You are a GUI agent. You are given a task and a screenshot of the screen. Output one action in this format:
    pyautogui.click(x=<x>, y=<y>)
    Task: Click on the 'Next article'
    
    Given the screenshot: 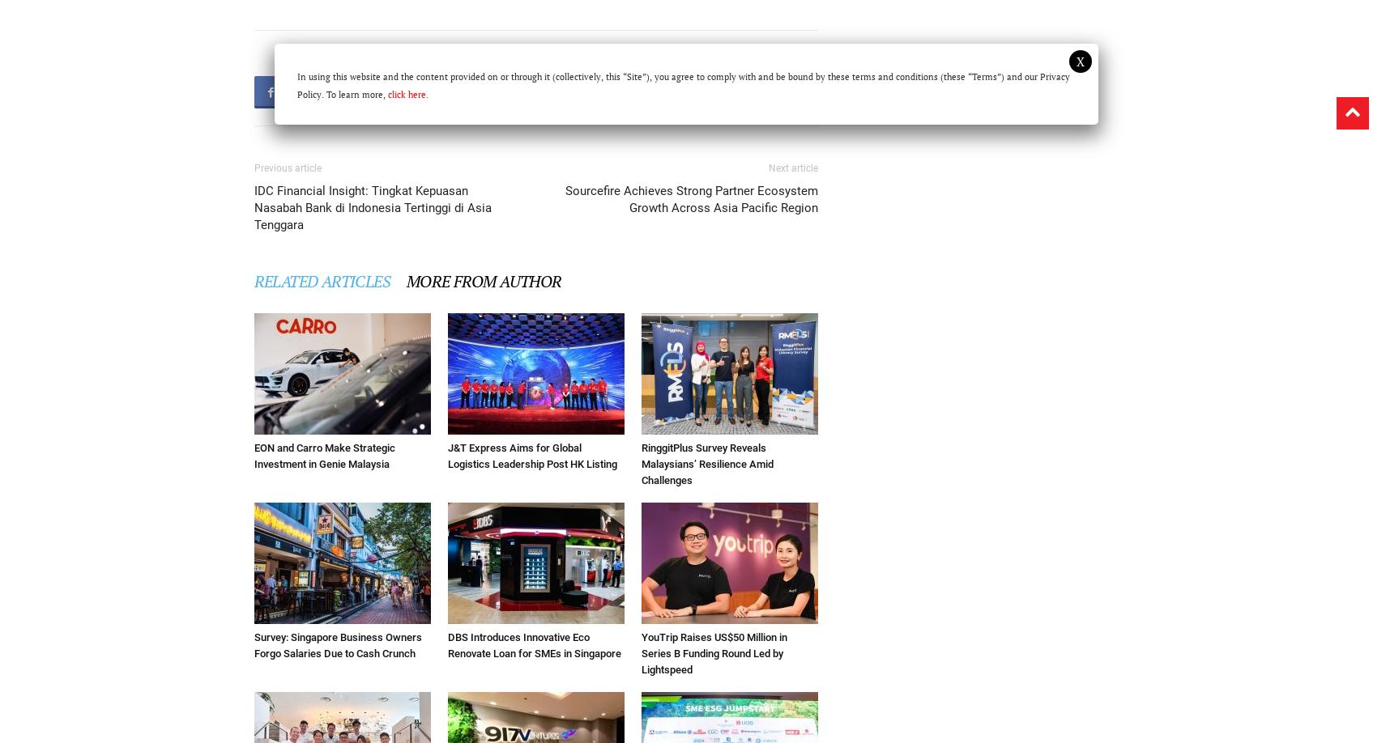 What is the action you would take?
    pyautogui.click(x=768, y=168)
    